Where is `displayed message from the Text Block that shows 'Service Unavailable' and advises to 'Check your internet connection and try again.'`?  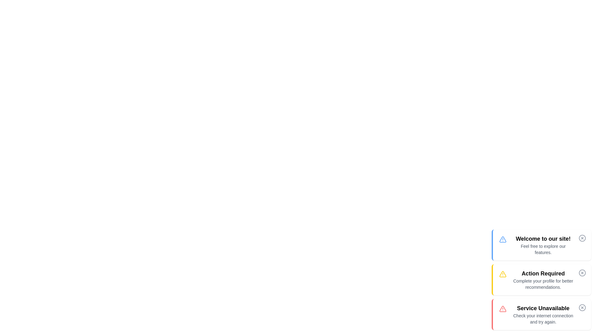
displayed message from the Text Block that shows 'Service Unavailable' and advises to 'Check your internet connection and try again.' is located at coordinates (543, 315).